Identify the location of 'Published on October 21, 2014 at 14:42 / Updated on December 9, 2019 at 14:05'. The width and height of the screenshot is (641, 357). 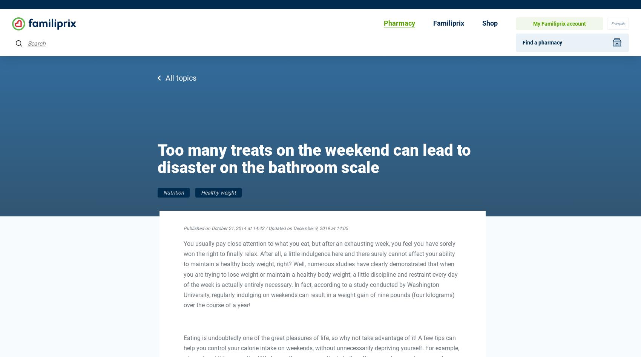
(265, 228).